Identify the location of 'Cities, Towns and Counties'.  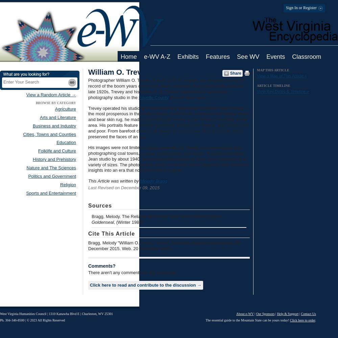
(23, 134).